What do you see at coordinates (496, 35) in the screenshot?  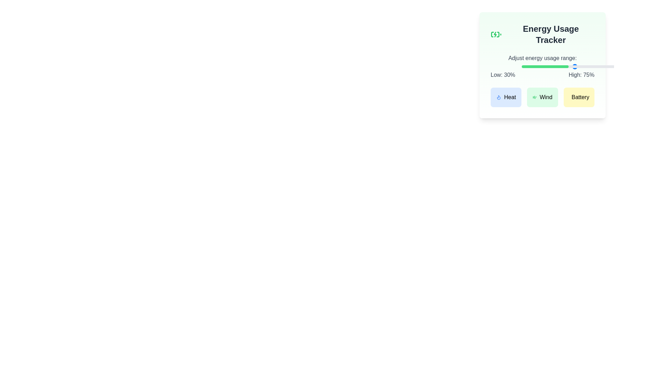 I see `the icon located in the top-left corner of the 'Energy Usage Tracker' card, which indicates functionality related to energy usage and charging` at bounding box center [496, 35].